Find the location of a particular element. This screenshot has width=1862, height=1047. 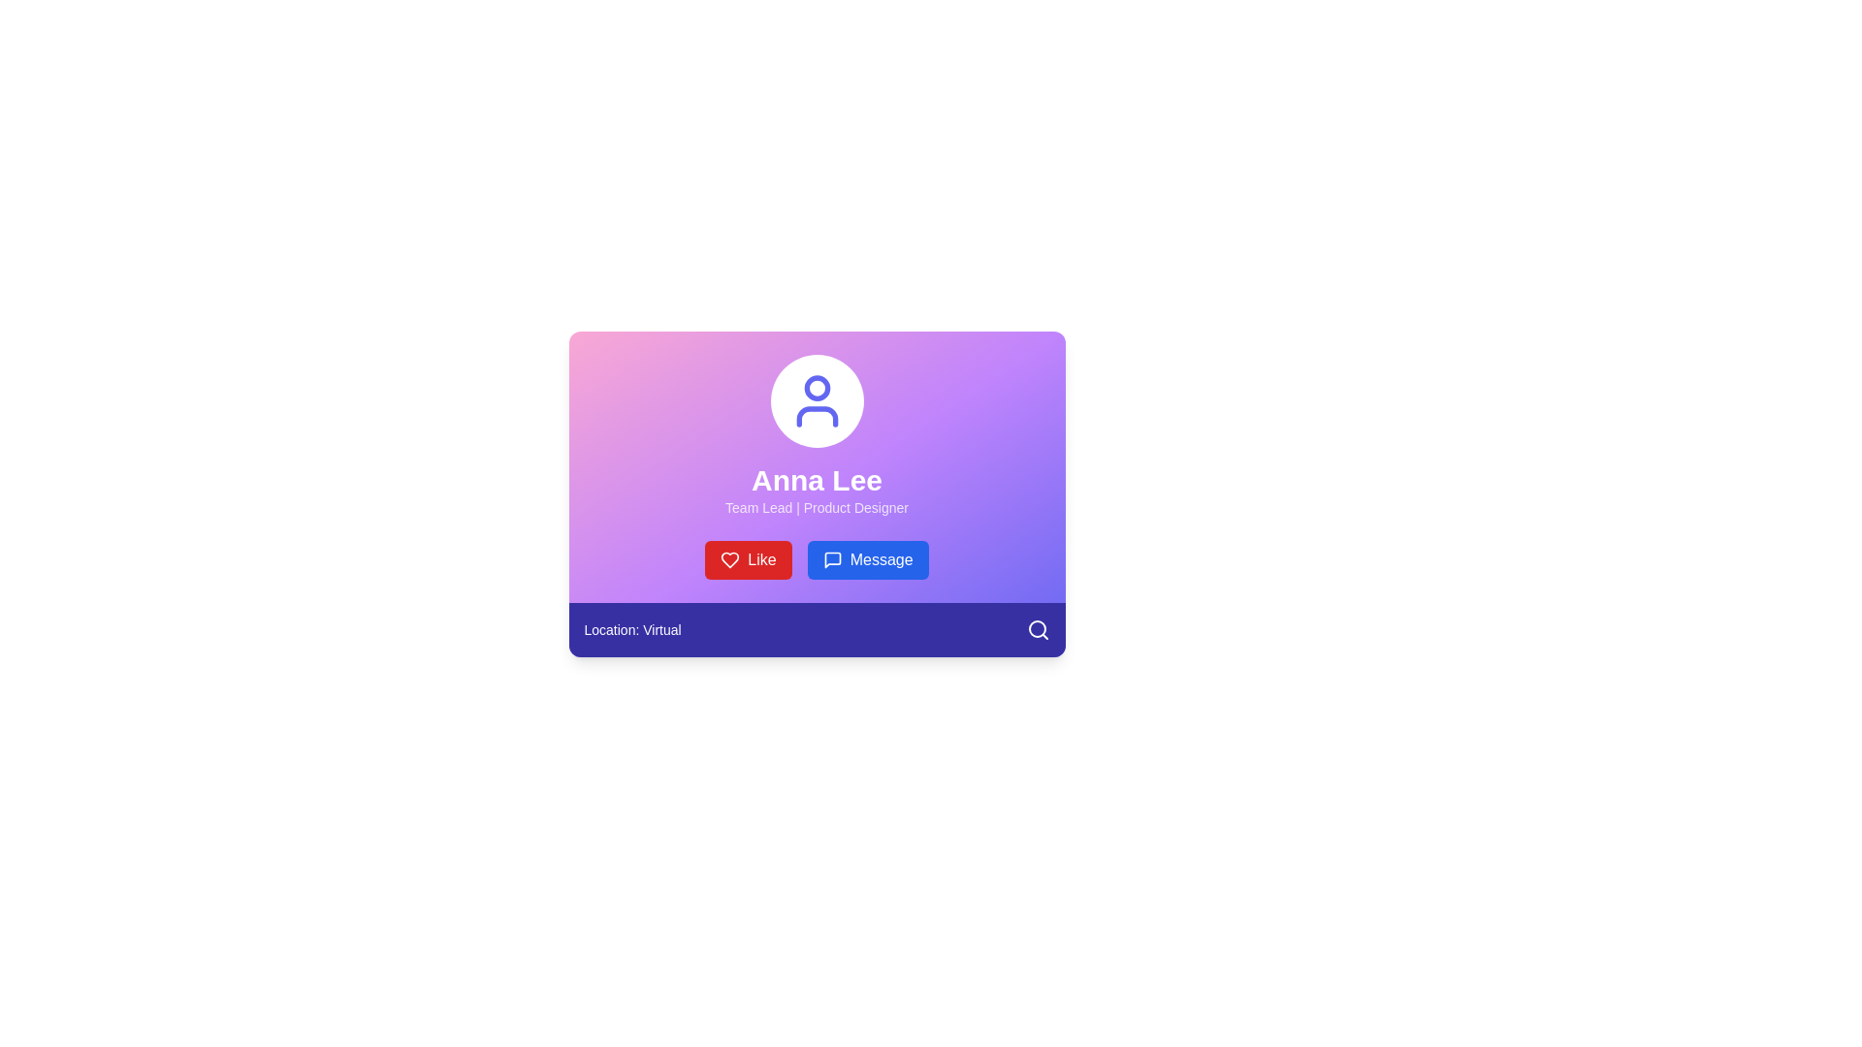

the heart icon, which represents the 'Like' action is located at coordinates (729, 560).